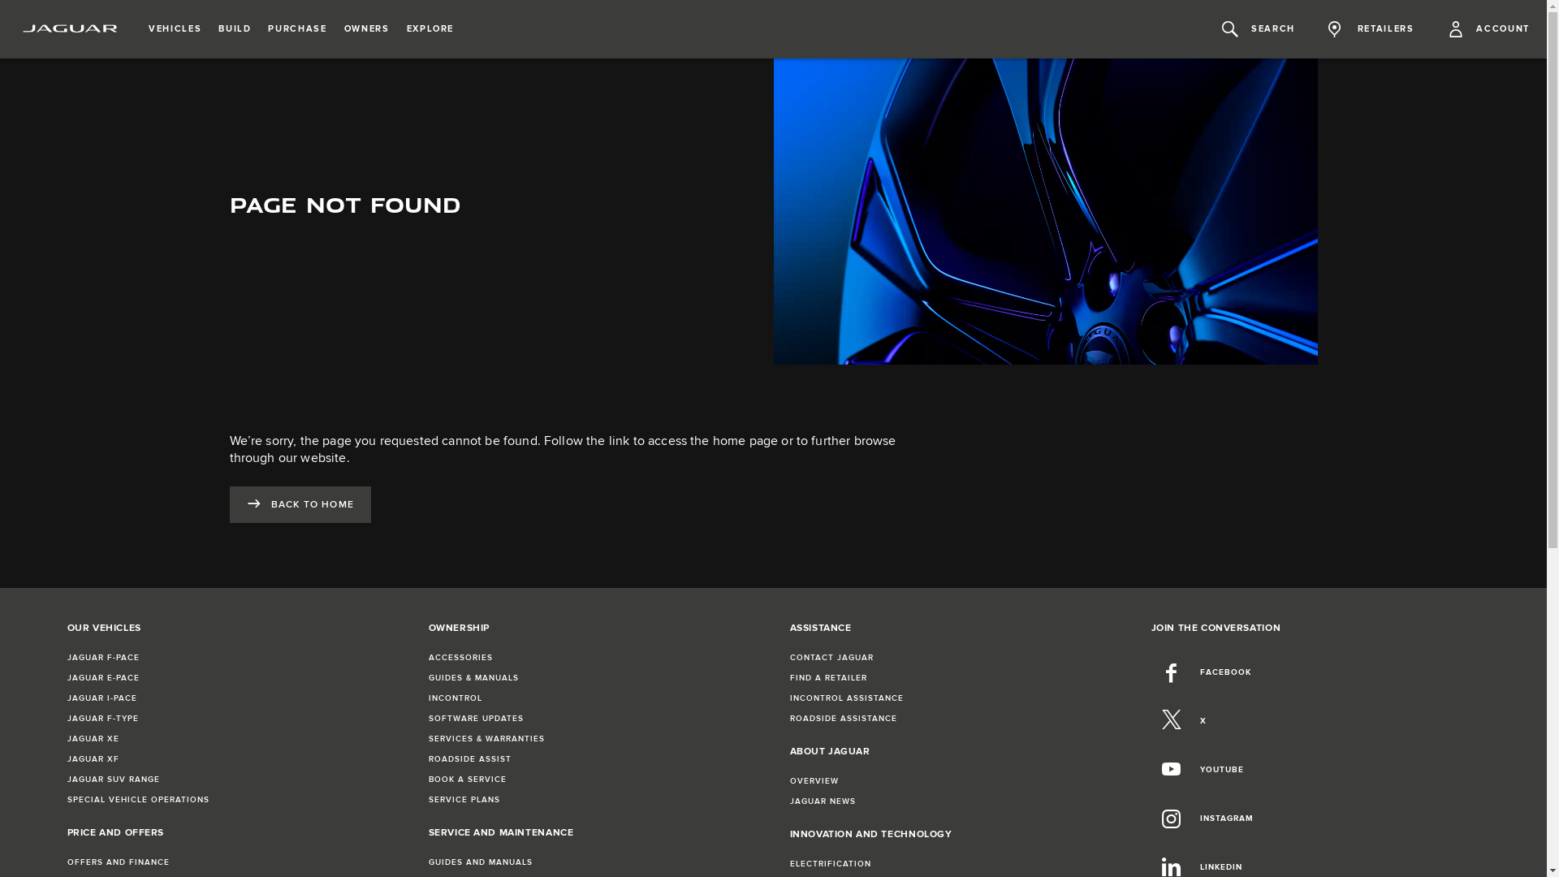 The image size is (1559, 877). I want to click on 'FIND A RETAILER', so click(788, 677).